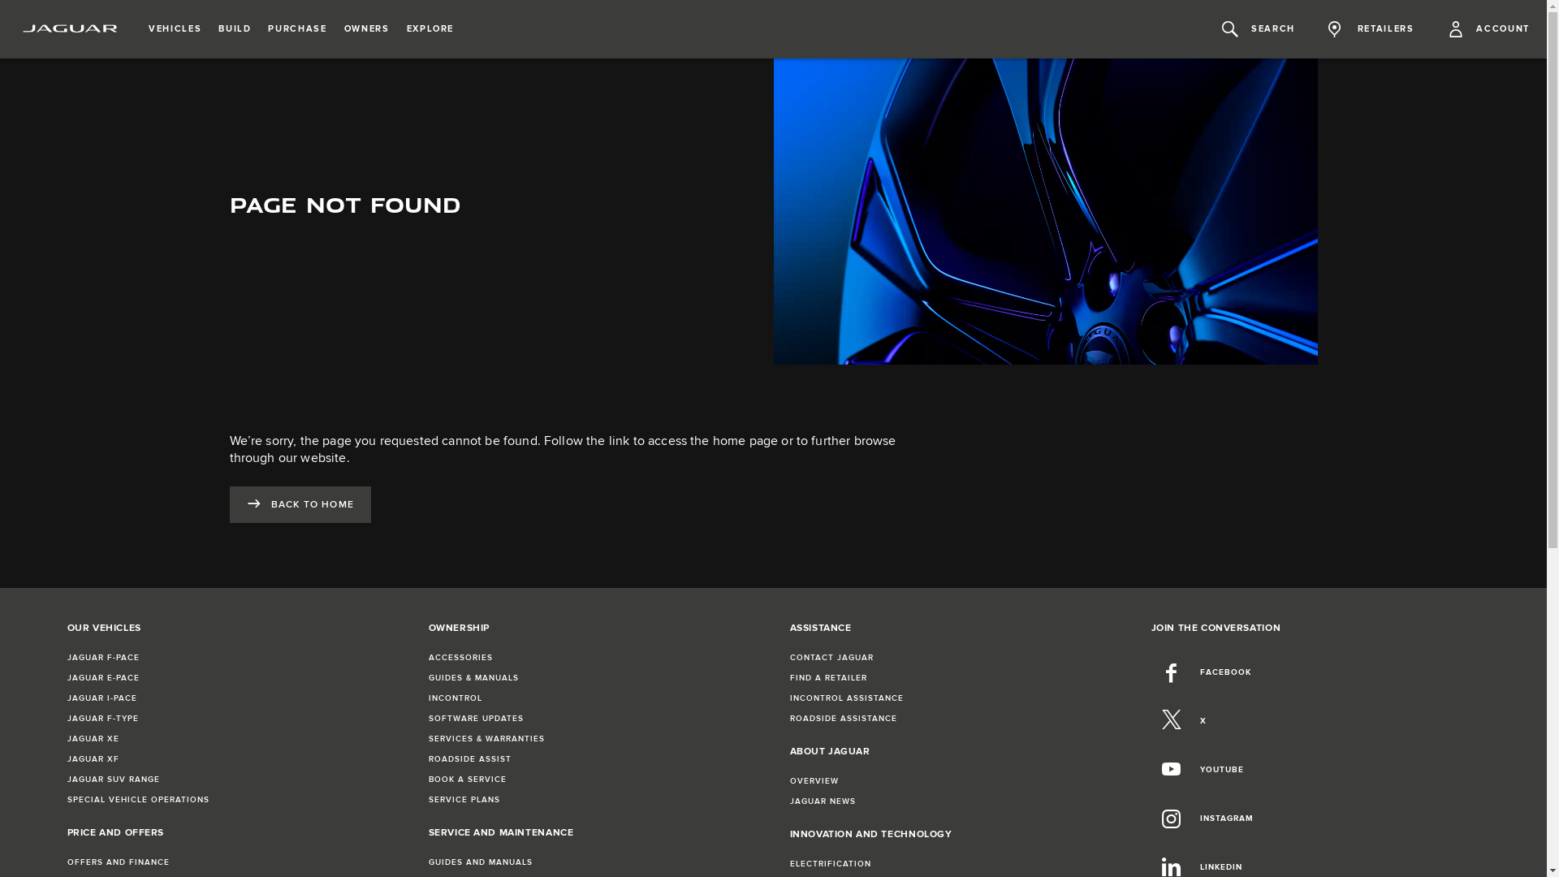 The image size is (1559, 877). I want to click on 'FIND A RETAILER', so click(788, 677).